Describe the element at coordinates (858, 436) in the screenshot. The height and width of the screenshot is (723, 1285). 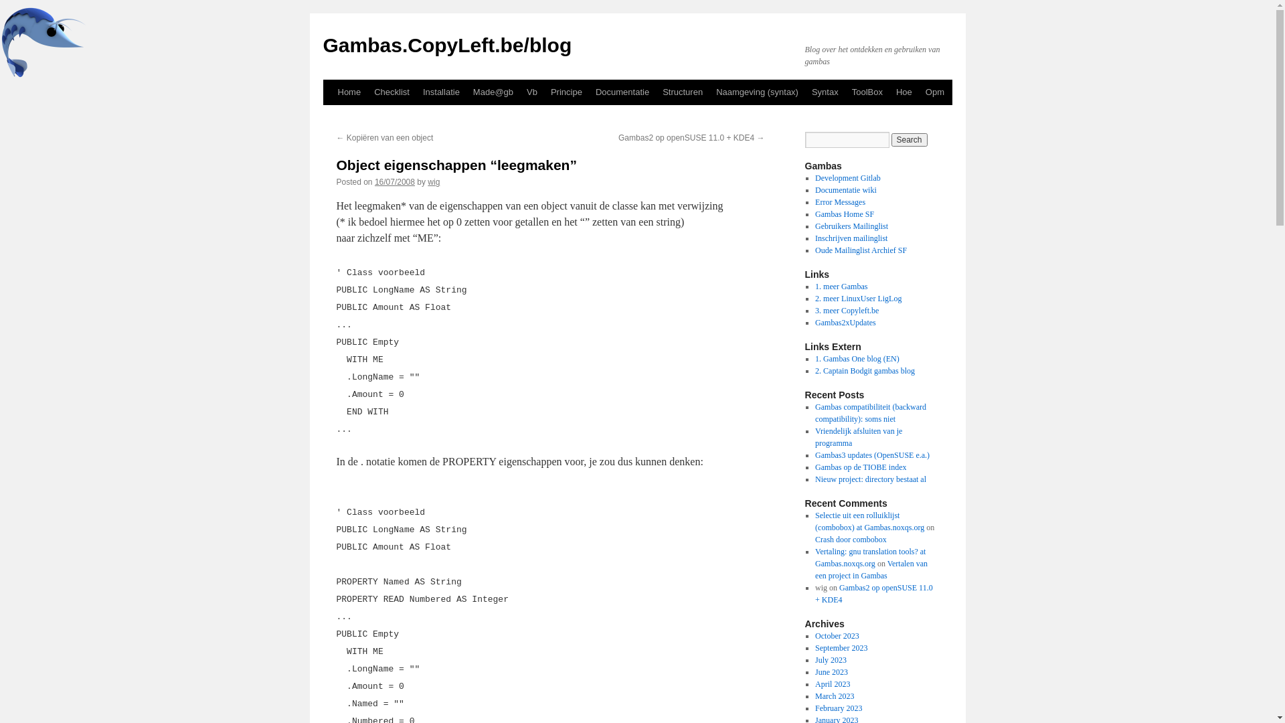
I see `'Vriendelijk afsluiten van je programma'` at that location.